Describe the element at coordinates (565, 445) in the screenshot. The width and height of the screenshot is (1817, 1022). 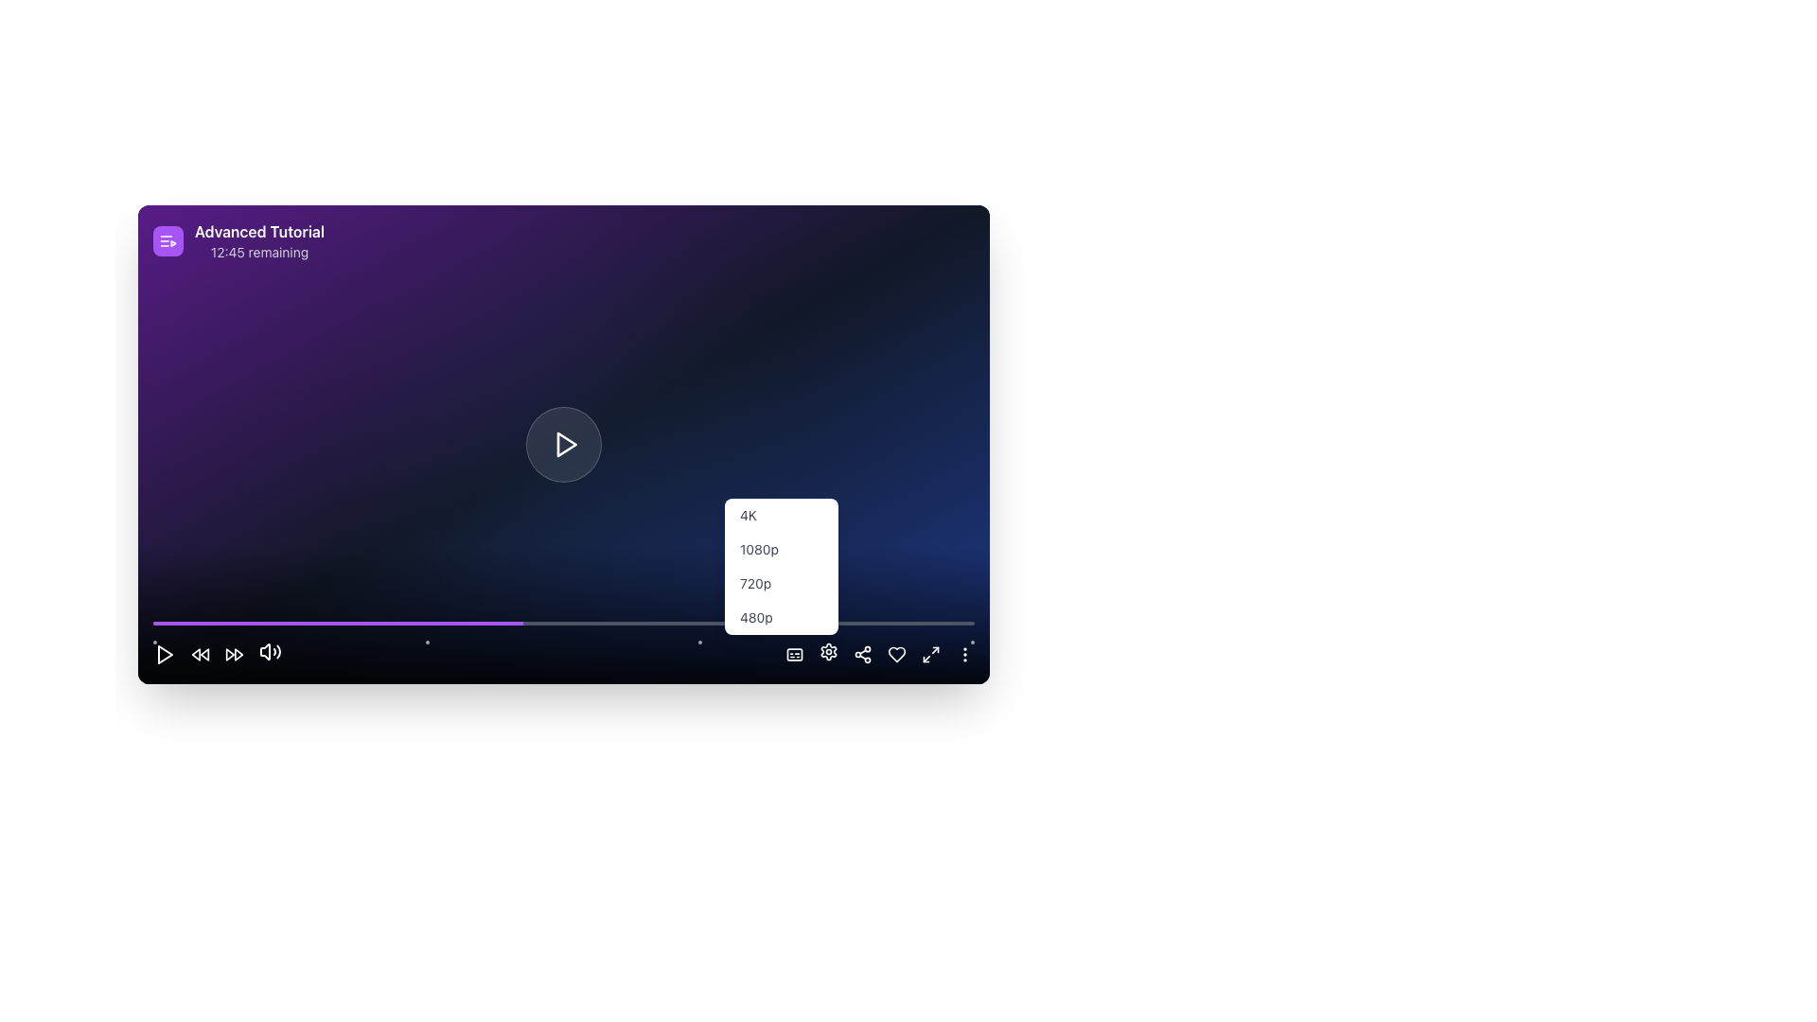
I see `the triangular play icon button outlined in white that is centered on a circular, semi-transparent dark background for keyboard accessibility` at that location.